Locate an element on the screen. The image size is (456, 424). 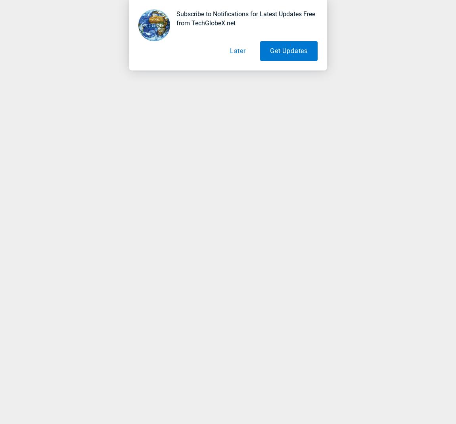
'MENU' is located at coordinates (28, 19).